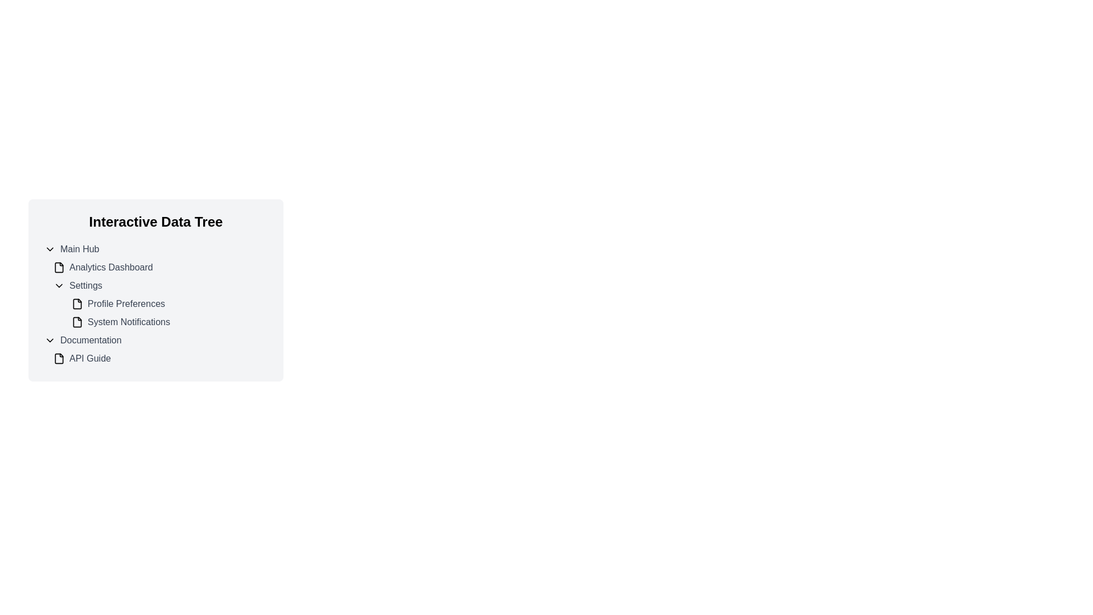  What do you see at coordinates (59, 268) in the screenshot?
I see `the small file icon outlined with no fill color, located to the immediate left of the 'Analytics Dashboard' text in the second row of the left-hand sidebar` at bounding box center [59, 268].